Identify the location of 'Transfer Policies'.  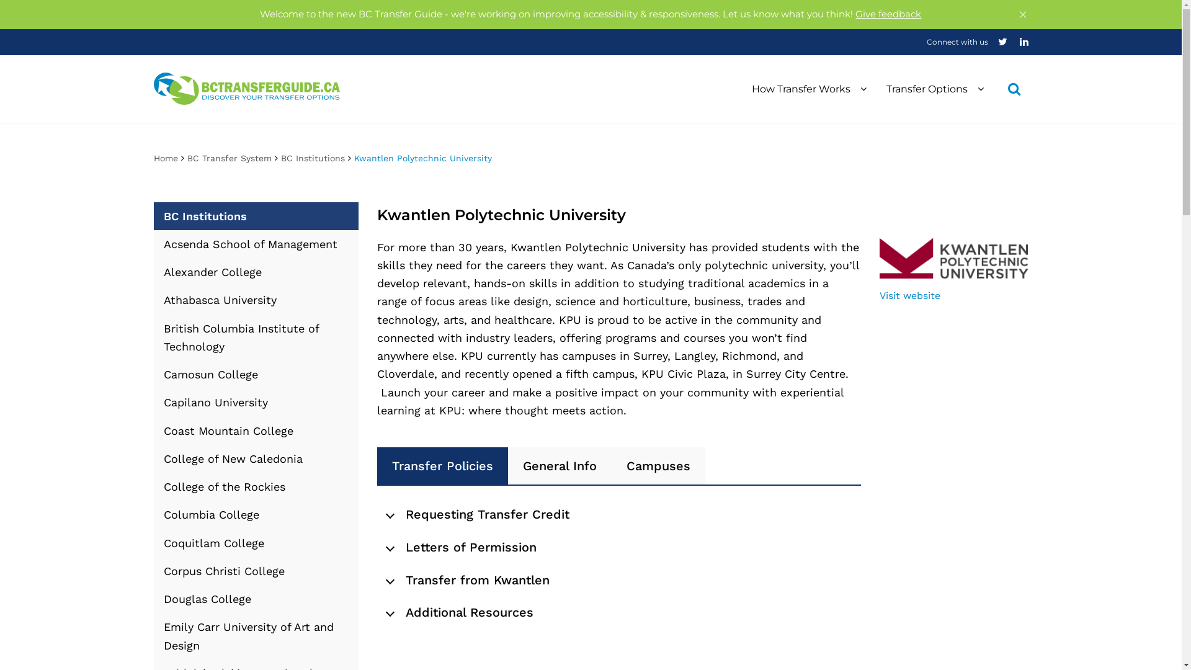
(442, 466).